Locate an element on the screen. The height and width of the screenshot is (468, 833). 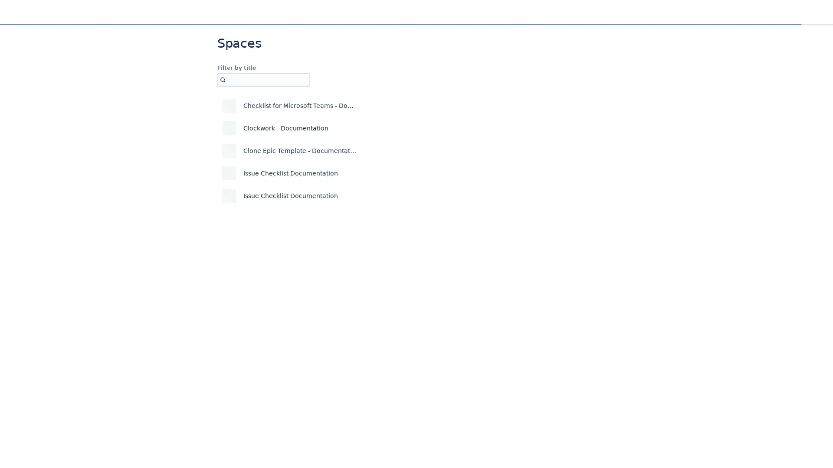
documentation is located at coordinates (393, 173).